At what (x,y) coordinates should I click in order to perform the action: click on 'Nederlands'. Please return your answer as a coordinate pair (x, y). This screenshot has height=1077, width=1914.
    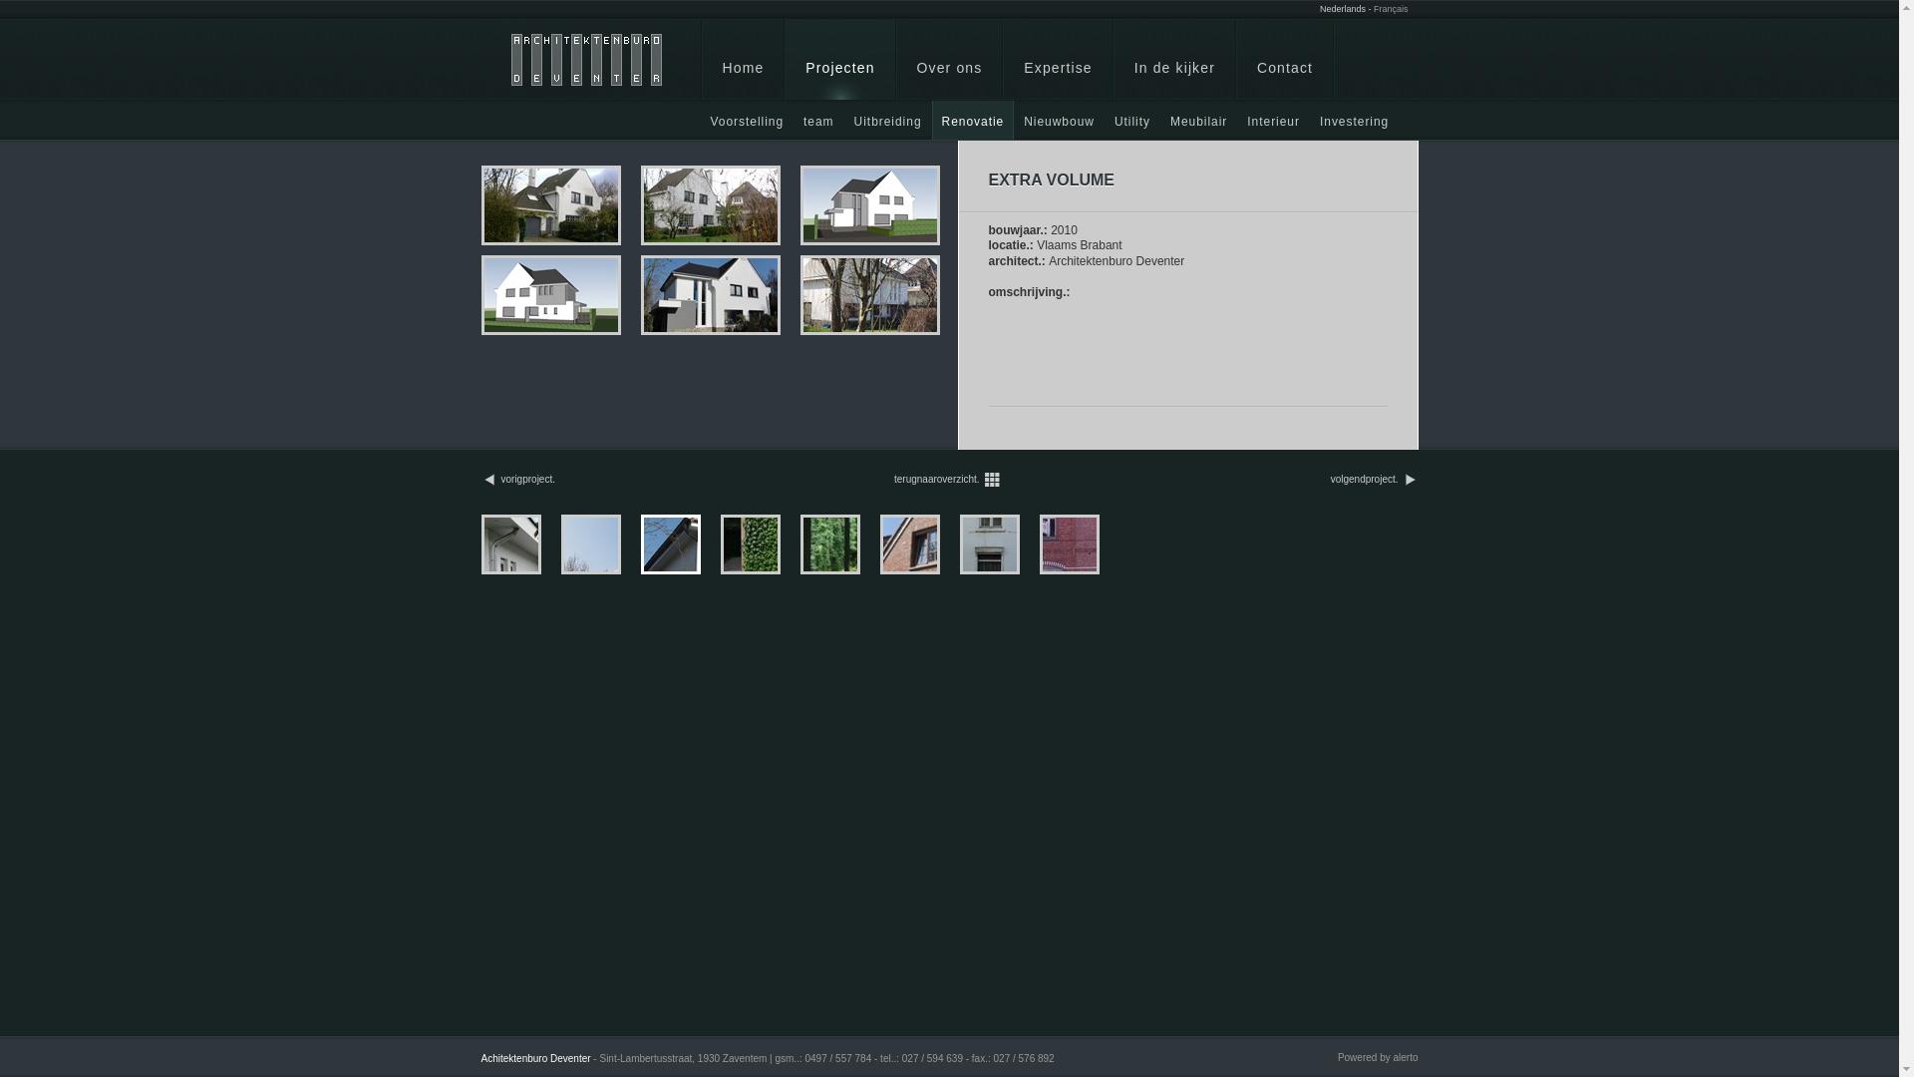
    Looking at the image, I should click on (1343, 8).